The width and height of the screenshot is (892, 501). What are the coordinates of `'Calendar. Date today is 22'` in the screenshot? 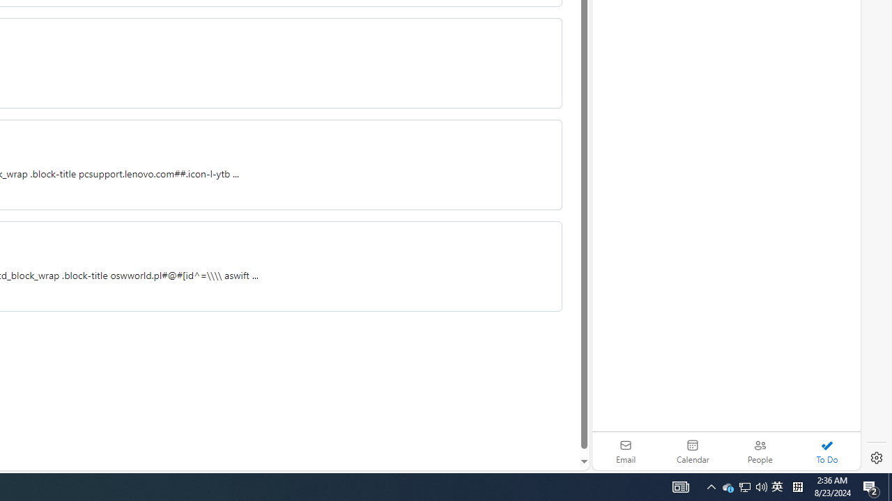 It's located at (693, 451).